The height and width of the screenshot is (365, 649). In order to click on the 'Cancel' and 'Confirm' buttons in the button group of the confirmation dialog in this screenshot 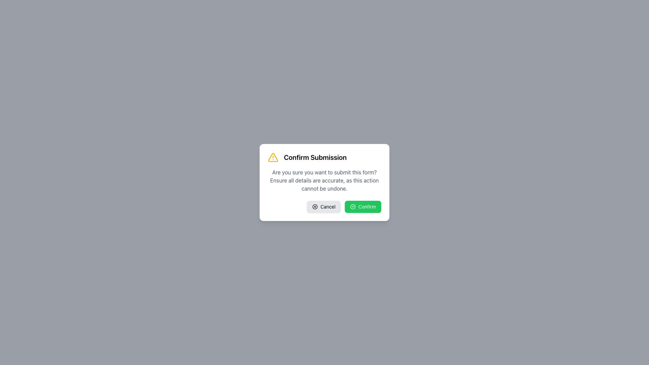, I will do `click(324, 206)`.